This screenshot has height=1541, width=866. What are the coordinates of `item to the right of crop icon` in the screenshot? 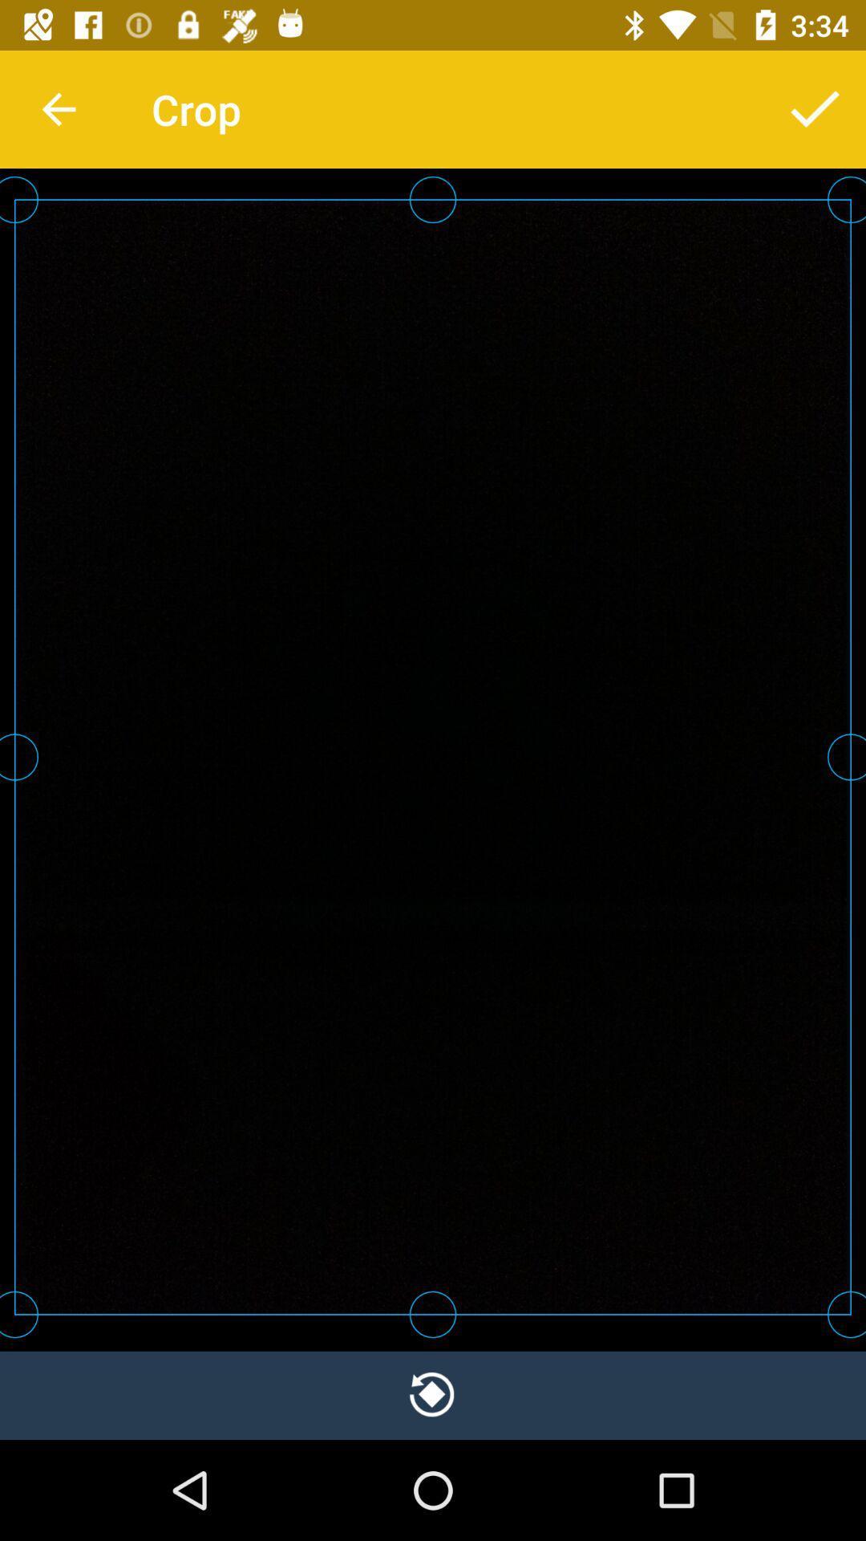 It's located at (815, 108).